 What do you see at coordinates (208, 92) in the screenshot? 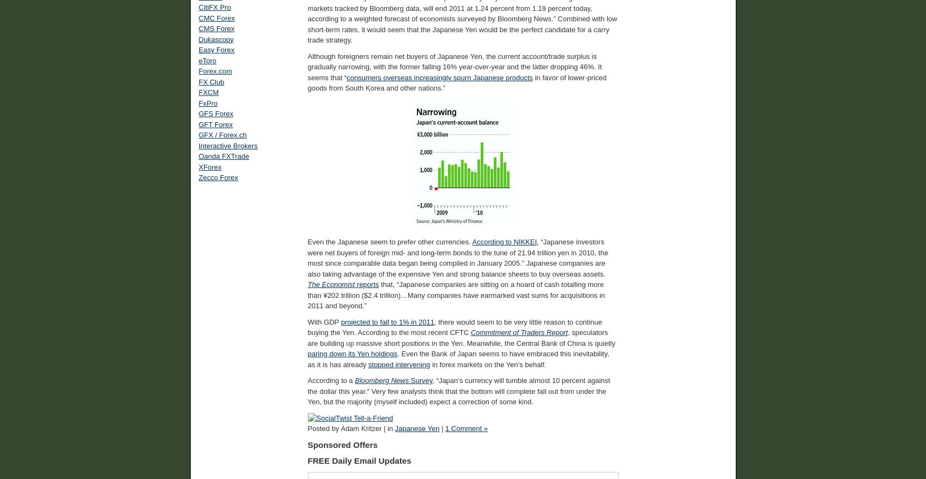
I see `'FXCM'` at bounding box center [208, 92].